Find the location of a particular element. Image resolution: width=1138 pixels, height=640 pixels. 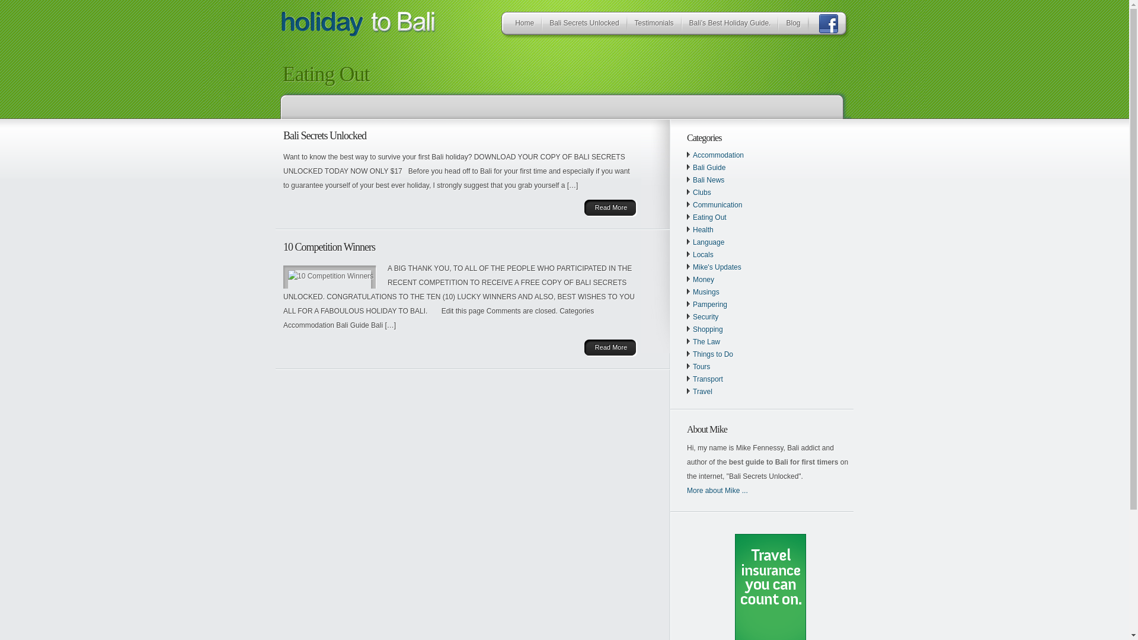

'Locals' is located at coordinates (703, 254).